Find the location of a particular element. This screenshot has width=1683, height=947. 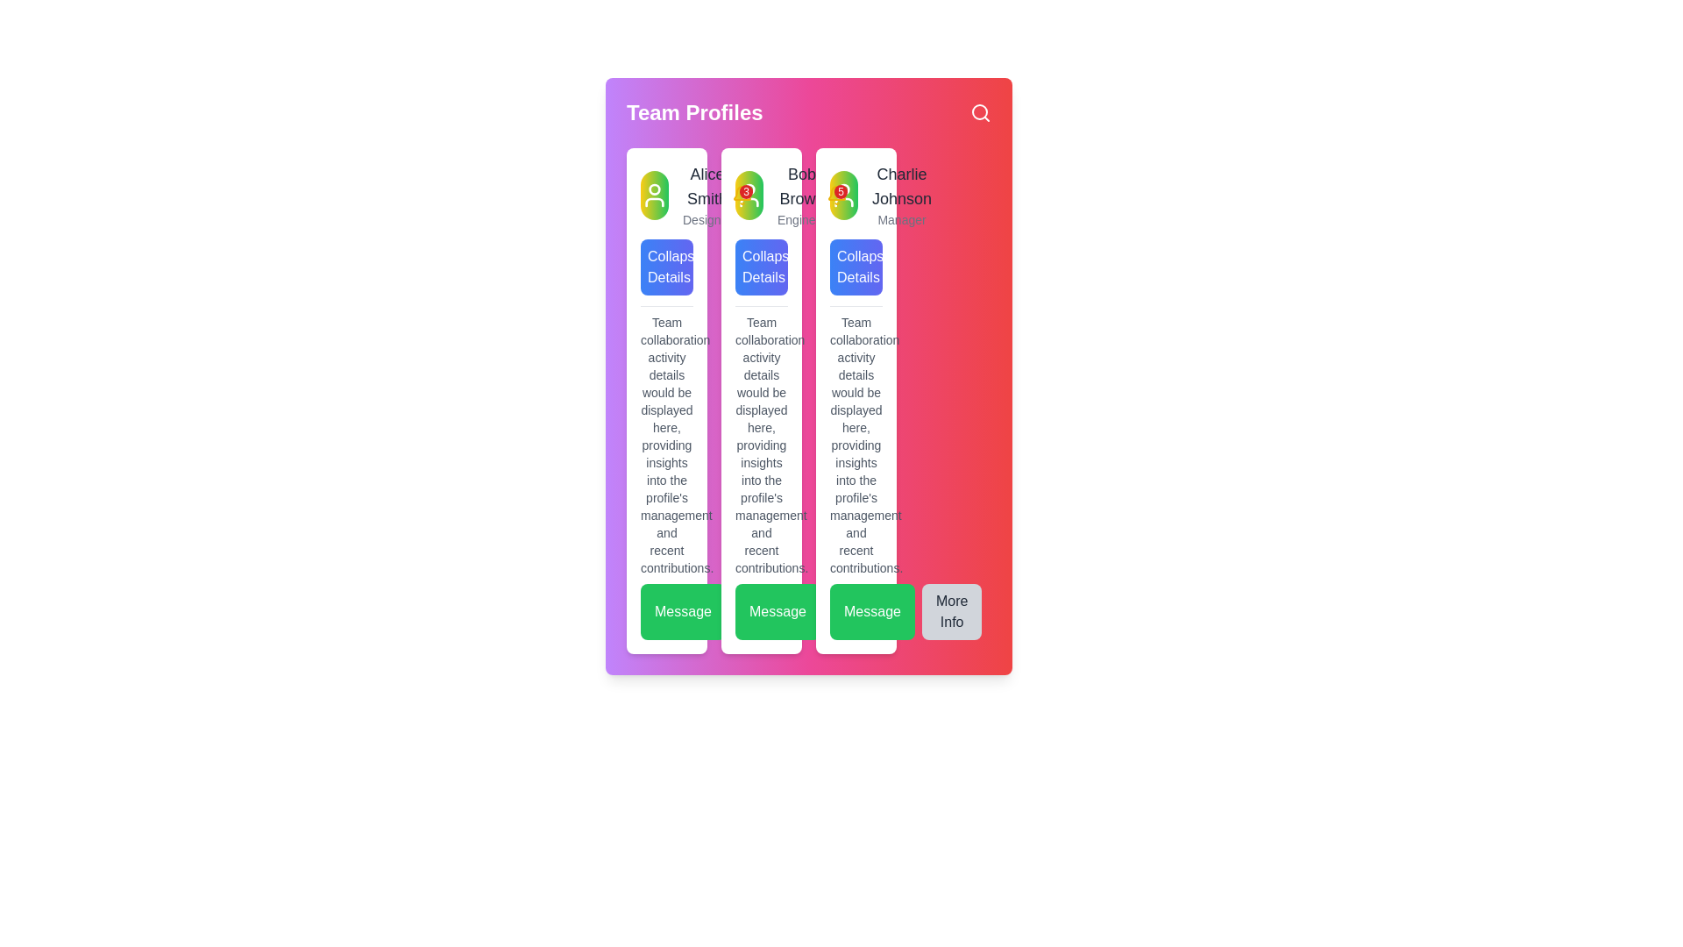

the text label displaying the name of a person in the profile card located at the top-center of the first column in the 'Team Profiles' interface is located at coordinates (707, 186).